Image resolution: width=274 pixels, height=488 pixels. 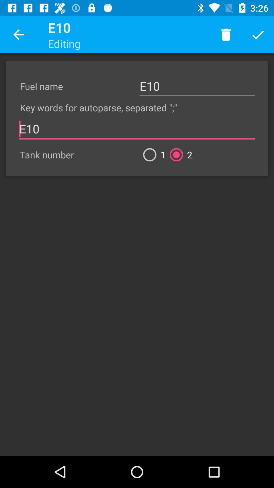 What do you see at coordinates (152, 155) in the screenshot?
I see `item to the left of the 2 item` at bounding box center [152, 155].